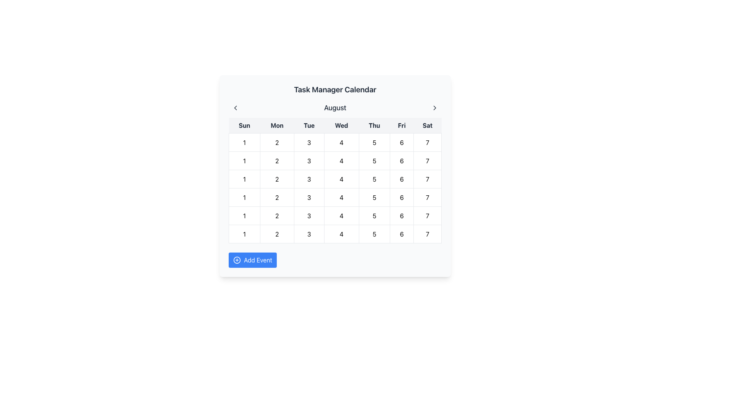  I want to click on the left-pointing chevron icon in the top-left corner of the calendar interface, so click(235, 108).